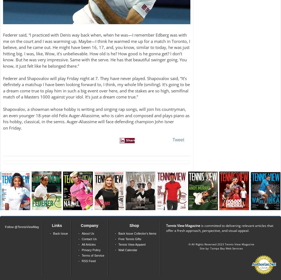  Describe the element at coordinates (172, 139) in the screenshot. I see `'Tweet'` at that location.